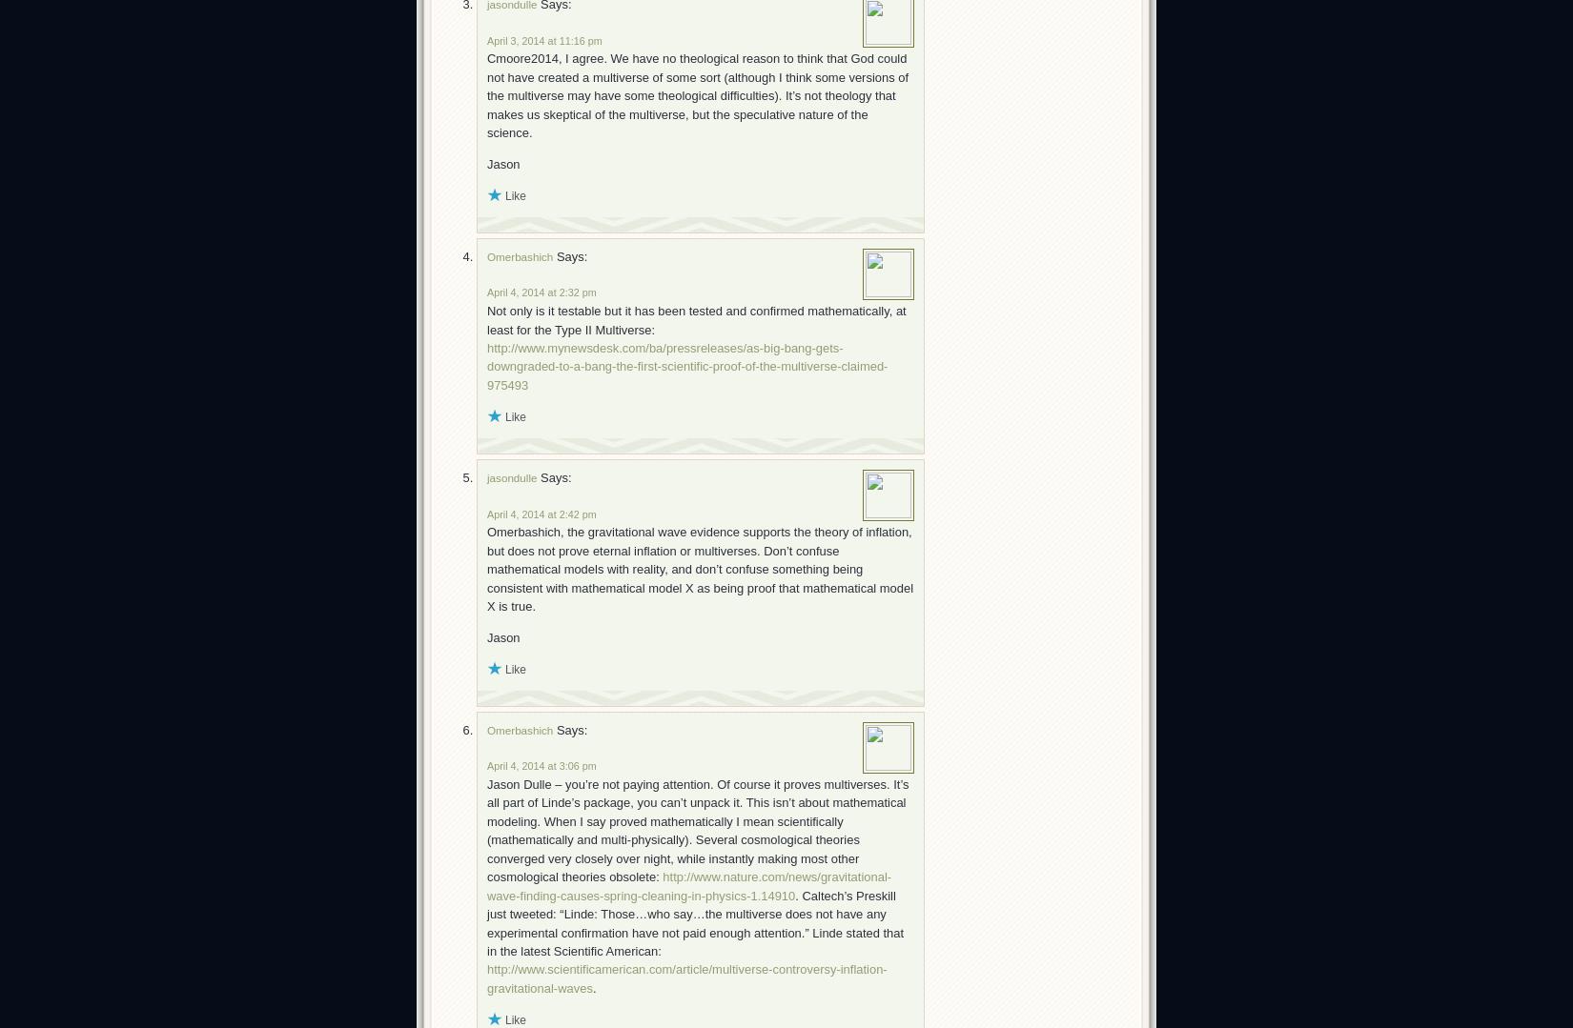 The width and height of the screenshot is (1573, 1028). Describe the element at coordinates (696, 95) in the screenshot. I see `'Cmoore2014, I agree.  We have no theological reason to think that God could not have created a multiverse of some sort (although I think some versions of the multiverse may have some theological difficulties).  It’s not theology that makes us skeptical of the multiverse, but the speculative nature of the science.'` at that location.